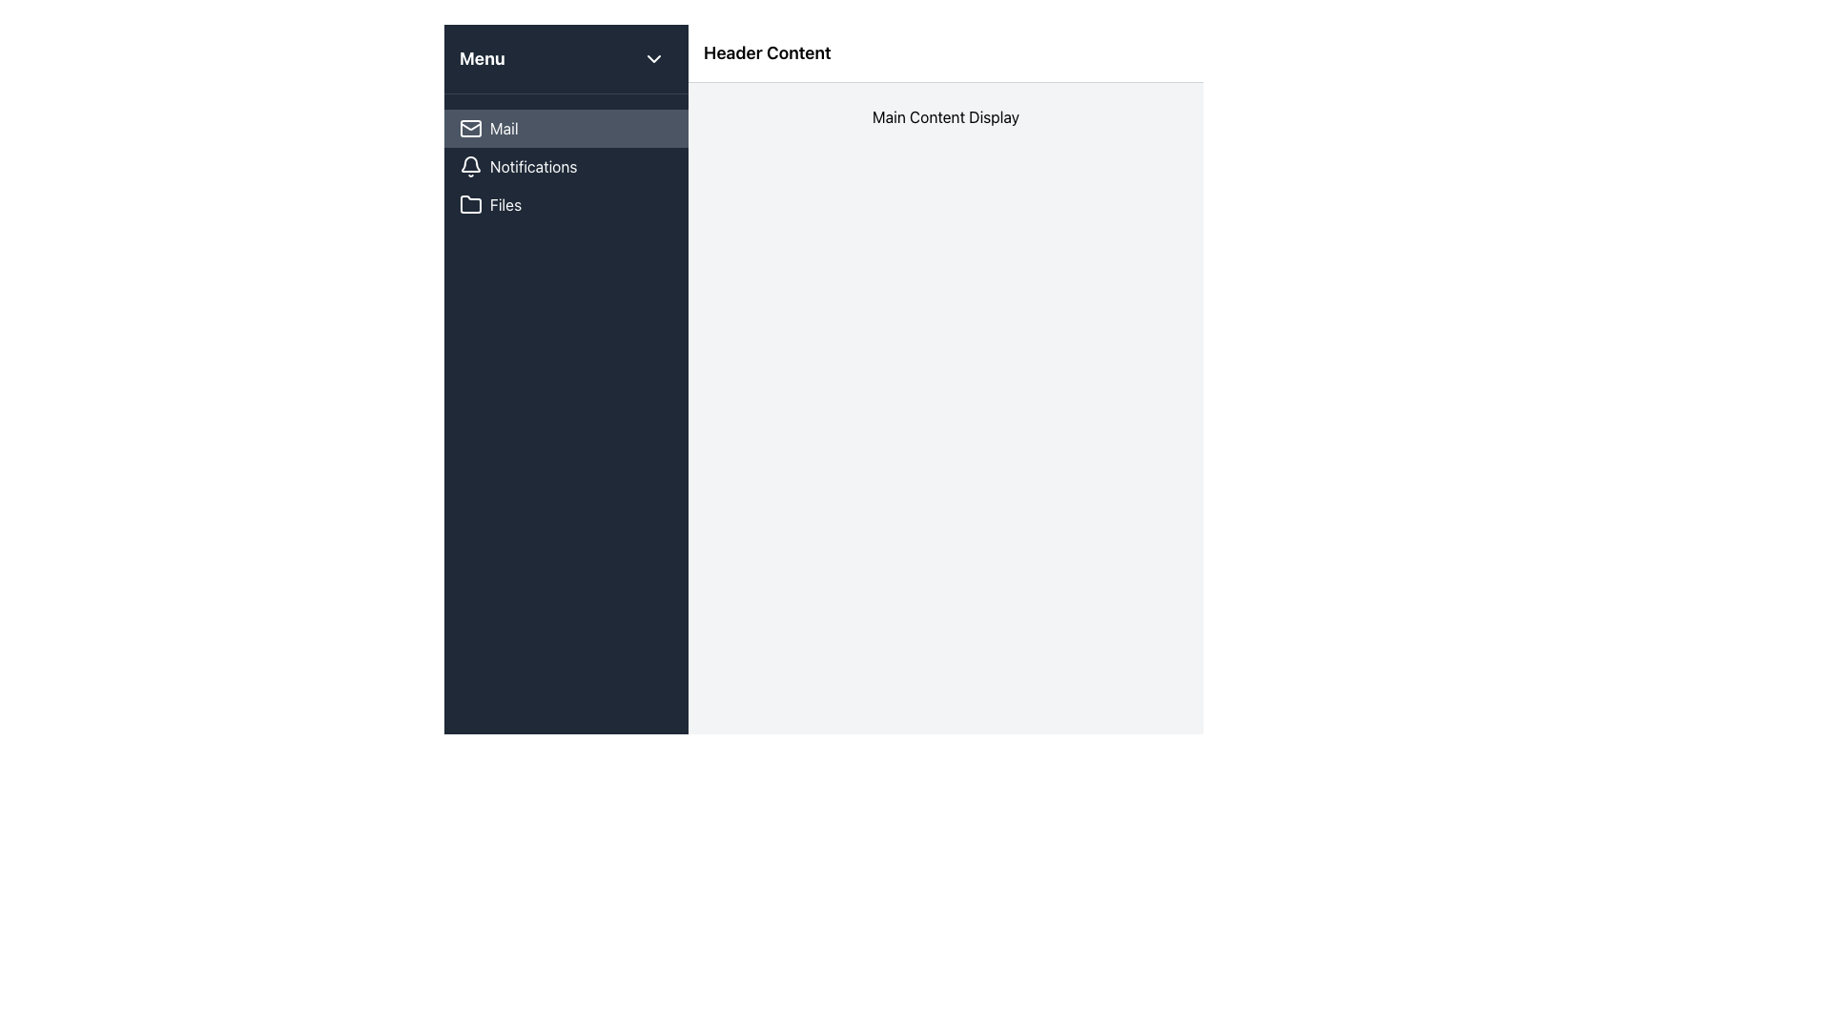 Image resolution: width=1831 pixels, height=1030 pixels. What do you see at coordinates (566, 129) in the screenshot?
I see `the 'Mail' navigation button located at the top of the vertical sidebar menu` at bounding box center [566, 129].